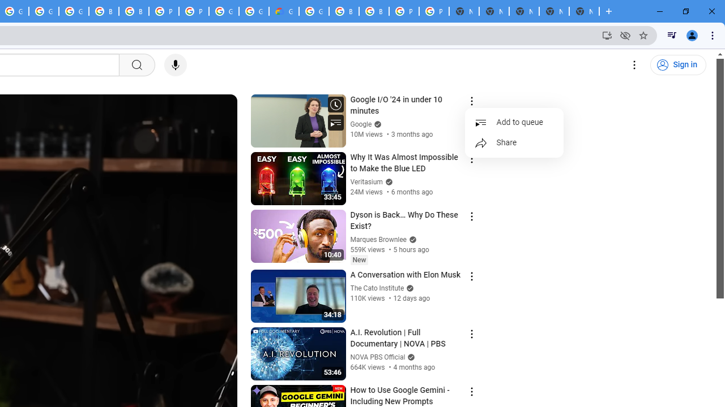 The height and width of the screenshot is (407, 725). What do you see at coordinates (224, 11) in the screenshot?
I see `'Google Cloud Platform'` at bounding box center [224, 11].